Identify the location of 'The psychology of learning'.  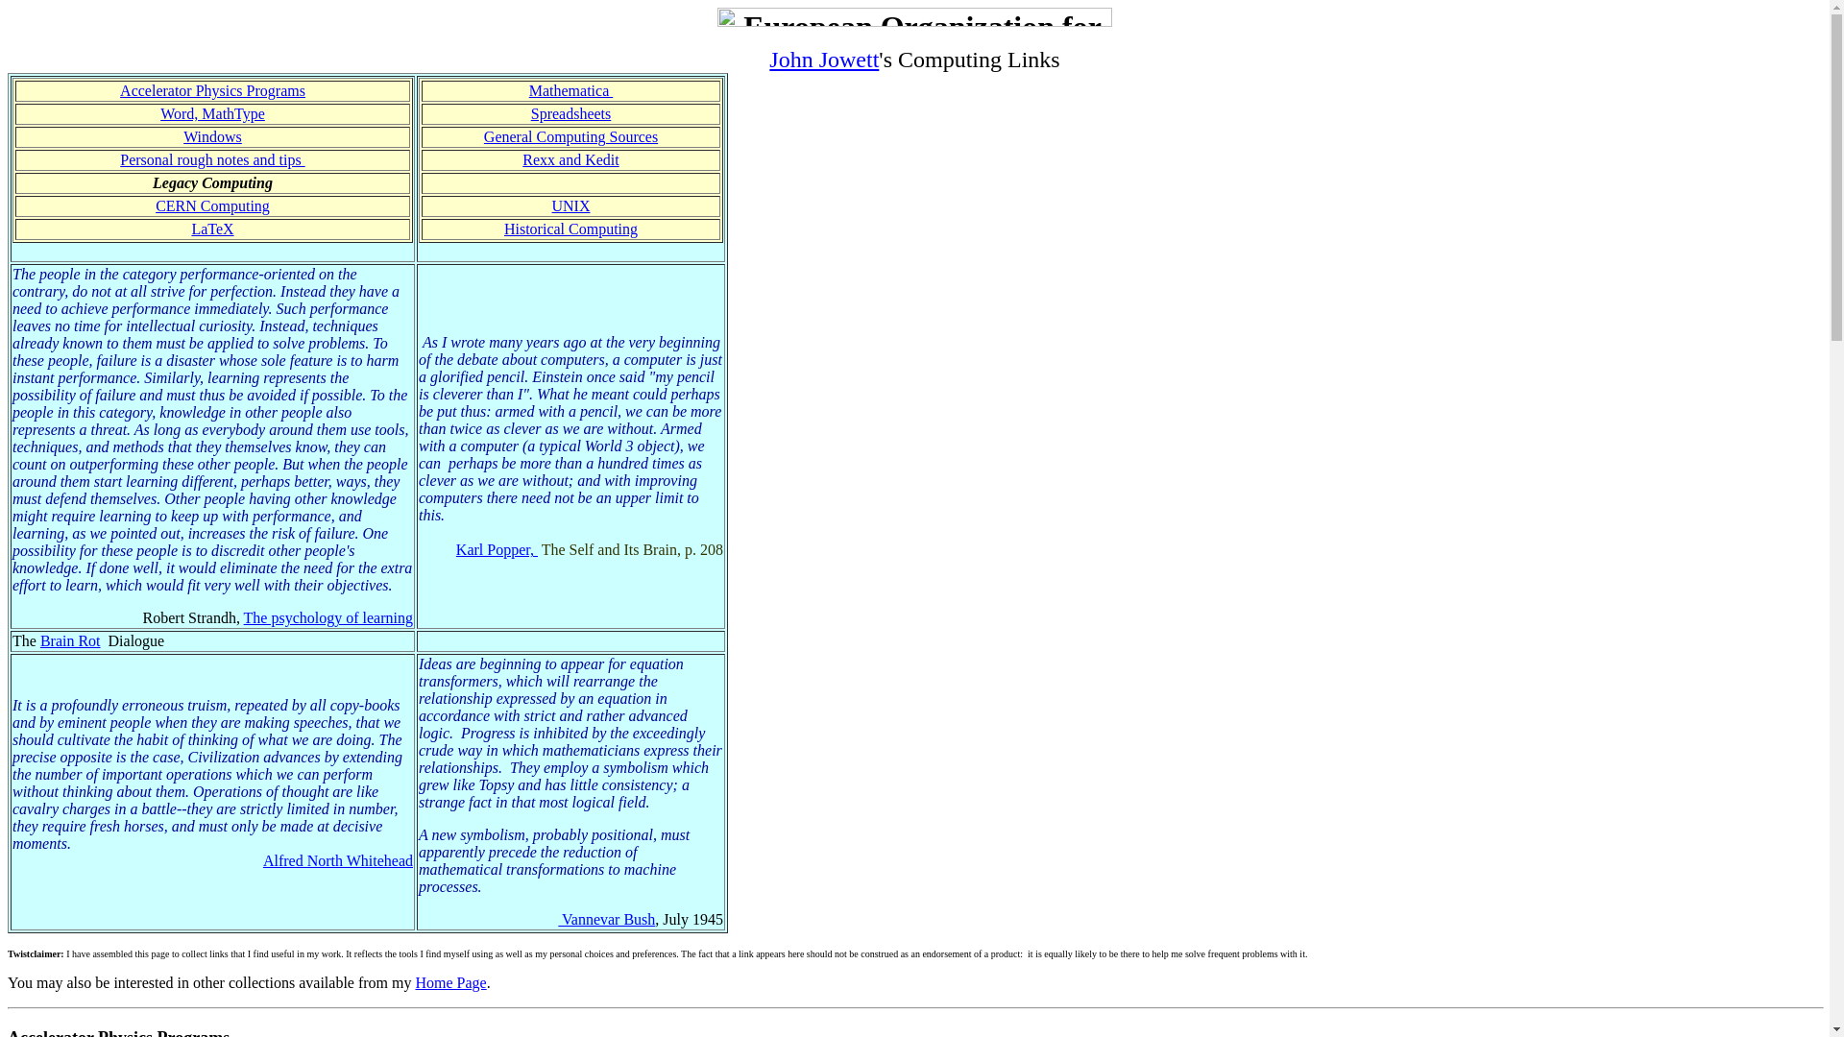
(328, 617).